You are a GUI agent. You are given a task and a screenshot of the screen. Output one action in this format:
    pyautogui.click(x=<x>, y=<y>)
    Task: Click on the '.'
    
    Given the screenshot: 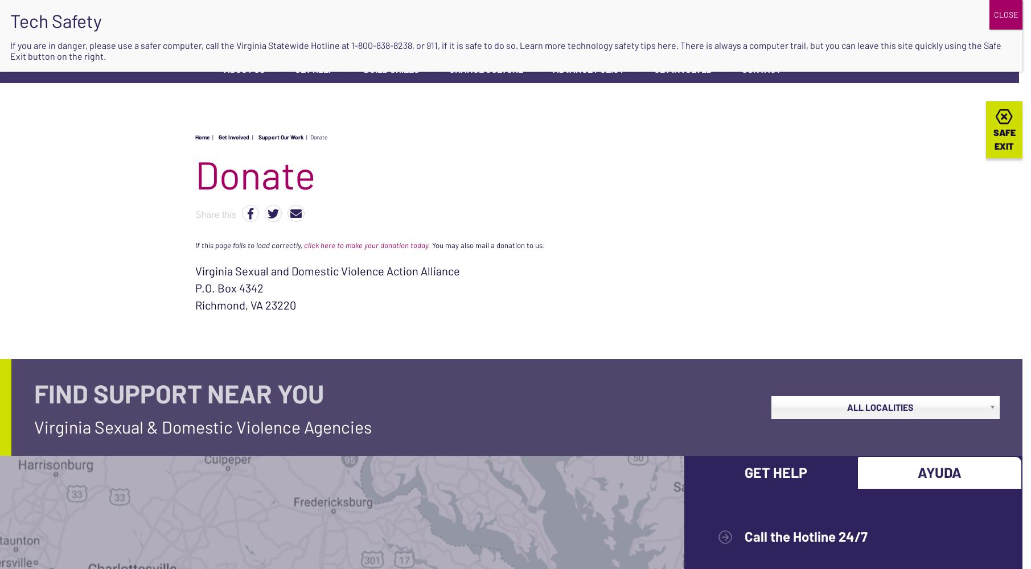 What is the action you would take?
    pyautogui.click(x=428, y=245)
    